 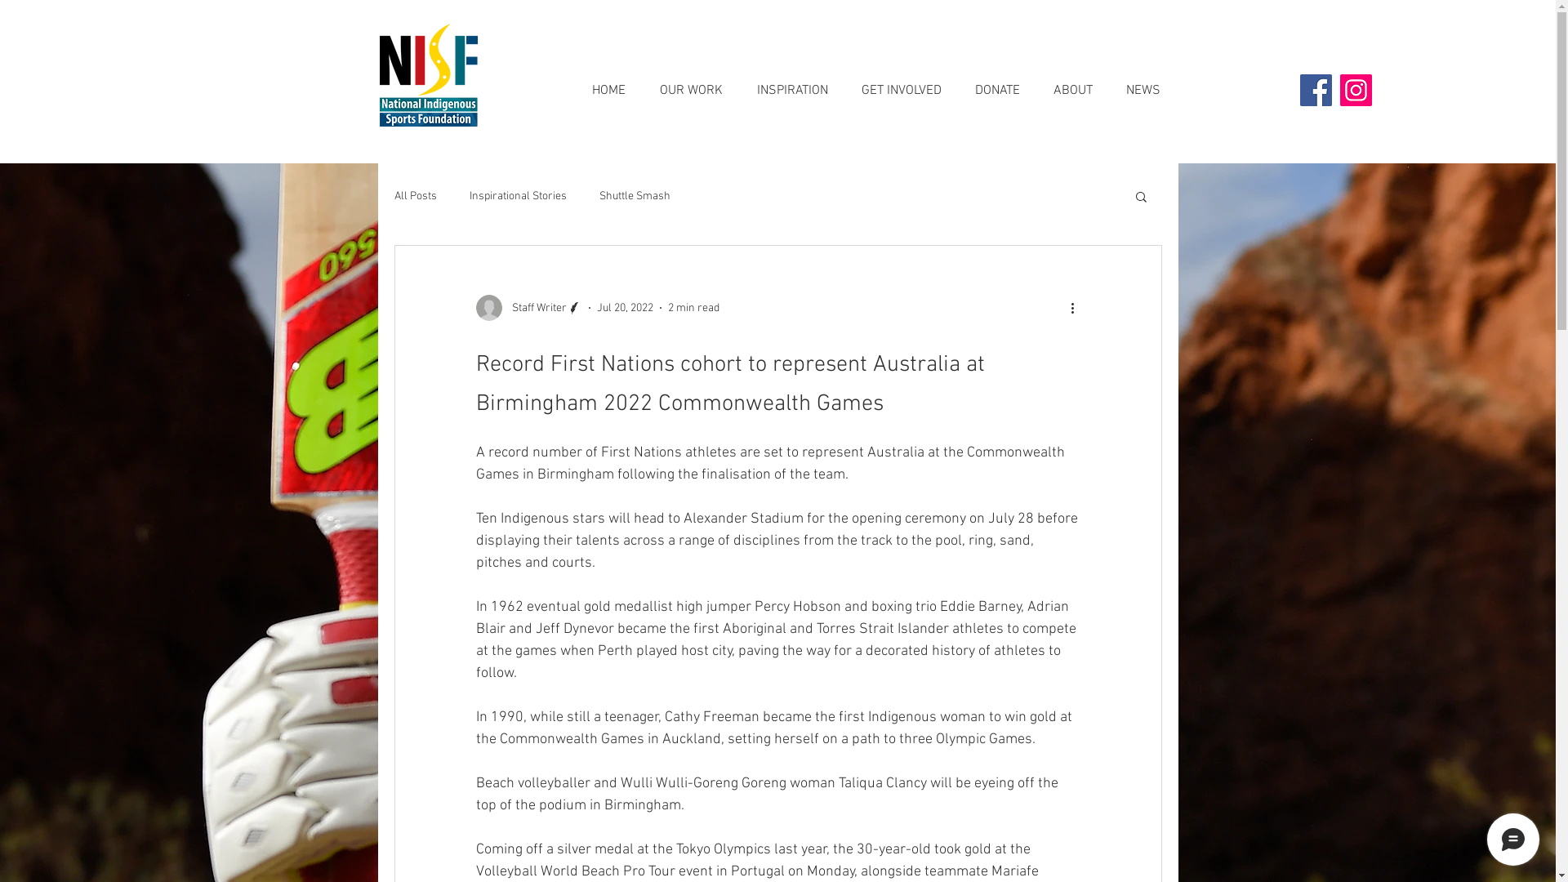 What do you see at coordinates (634, 195) in the screenshot?
I see `'Shuttle Smash'` at bounding box center [634, 195].